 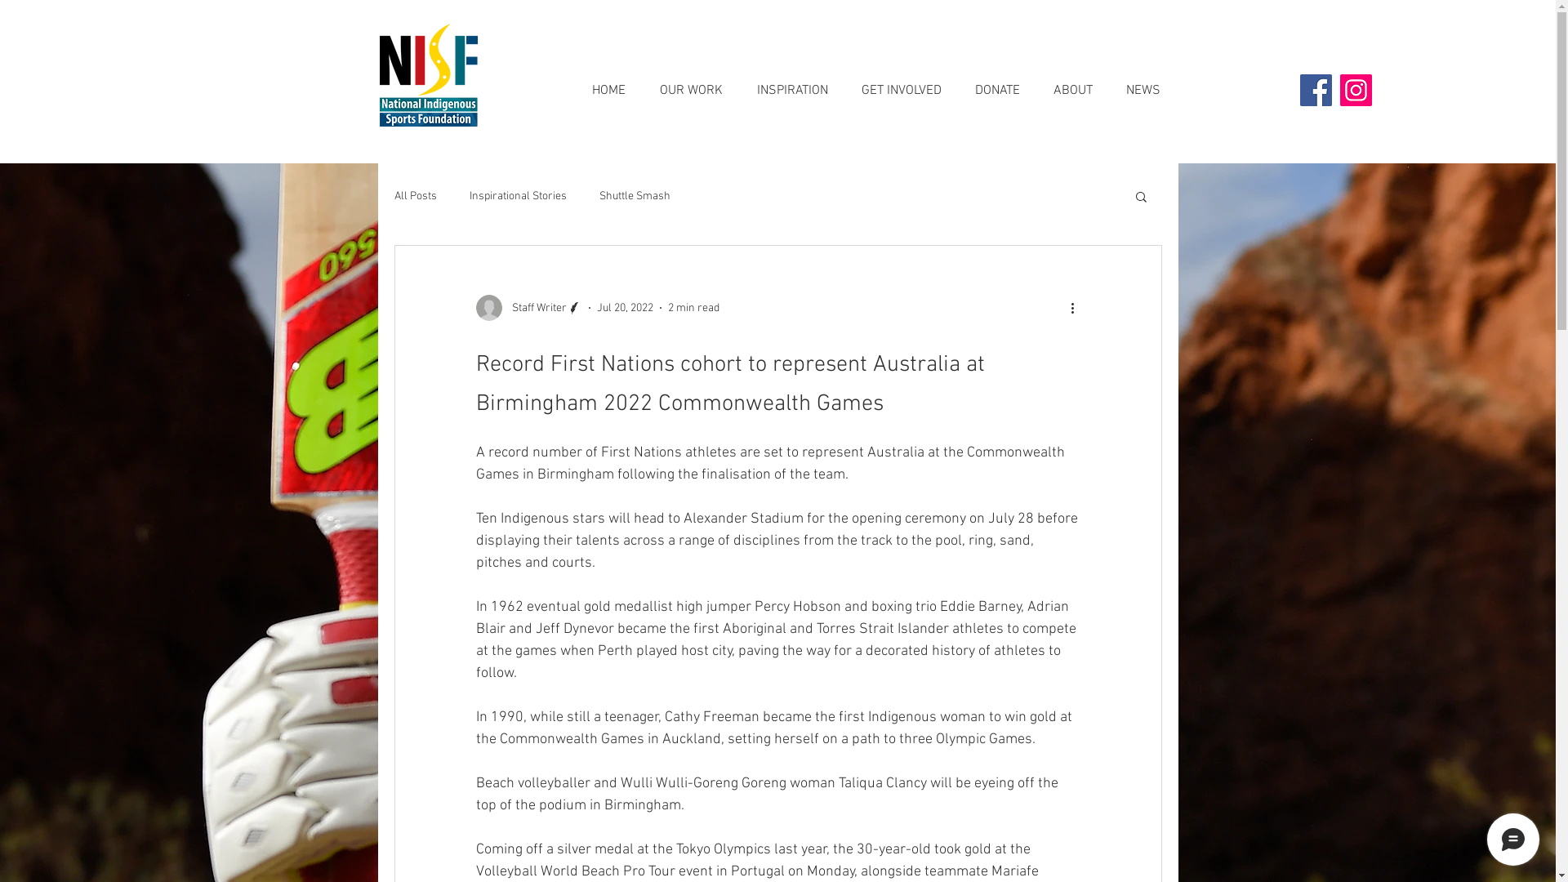 What do you see at coordinates (634, 195) in the screenshot?
I see `'Shuttle Smash'` at bounding box center [634, 195].